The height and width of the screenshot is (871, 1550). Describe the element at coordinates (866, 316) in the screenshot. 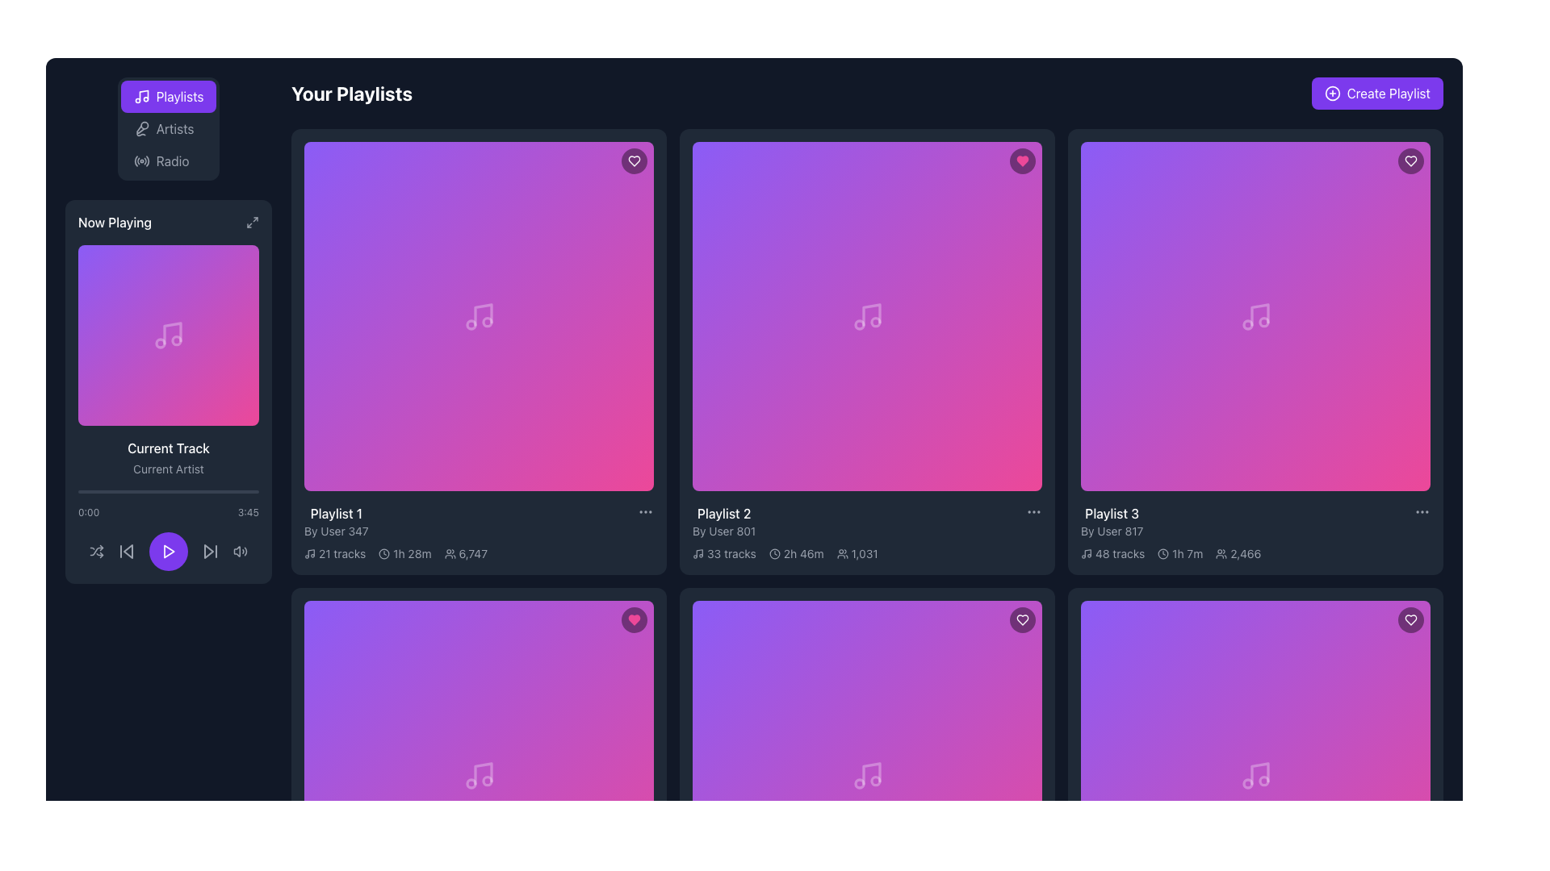

I see `the interactive play button for 'Playlist 2'` at that location.